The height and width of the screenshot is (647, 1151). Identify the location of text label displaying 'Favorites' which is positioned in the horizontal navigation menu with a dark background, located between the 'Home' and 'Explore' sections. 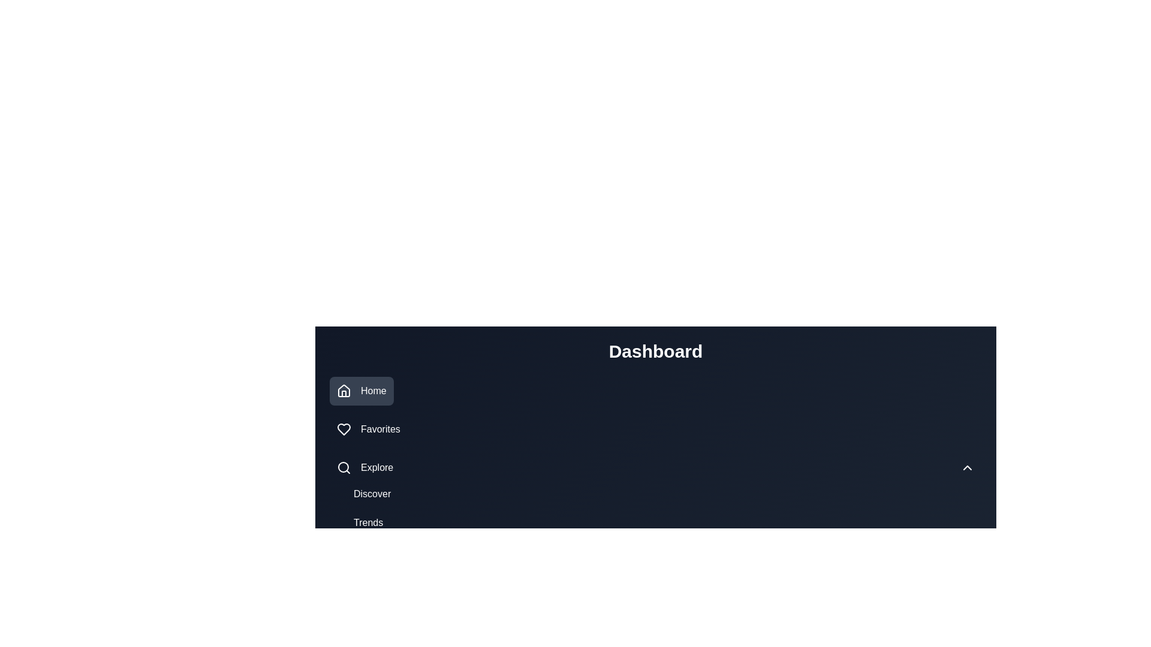
(379, 429).